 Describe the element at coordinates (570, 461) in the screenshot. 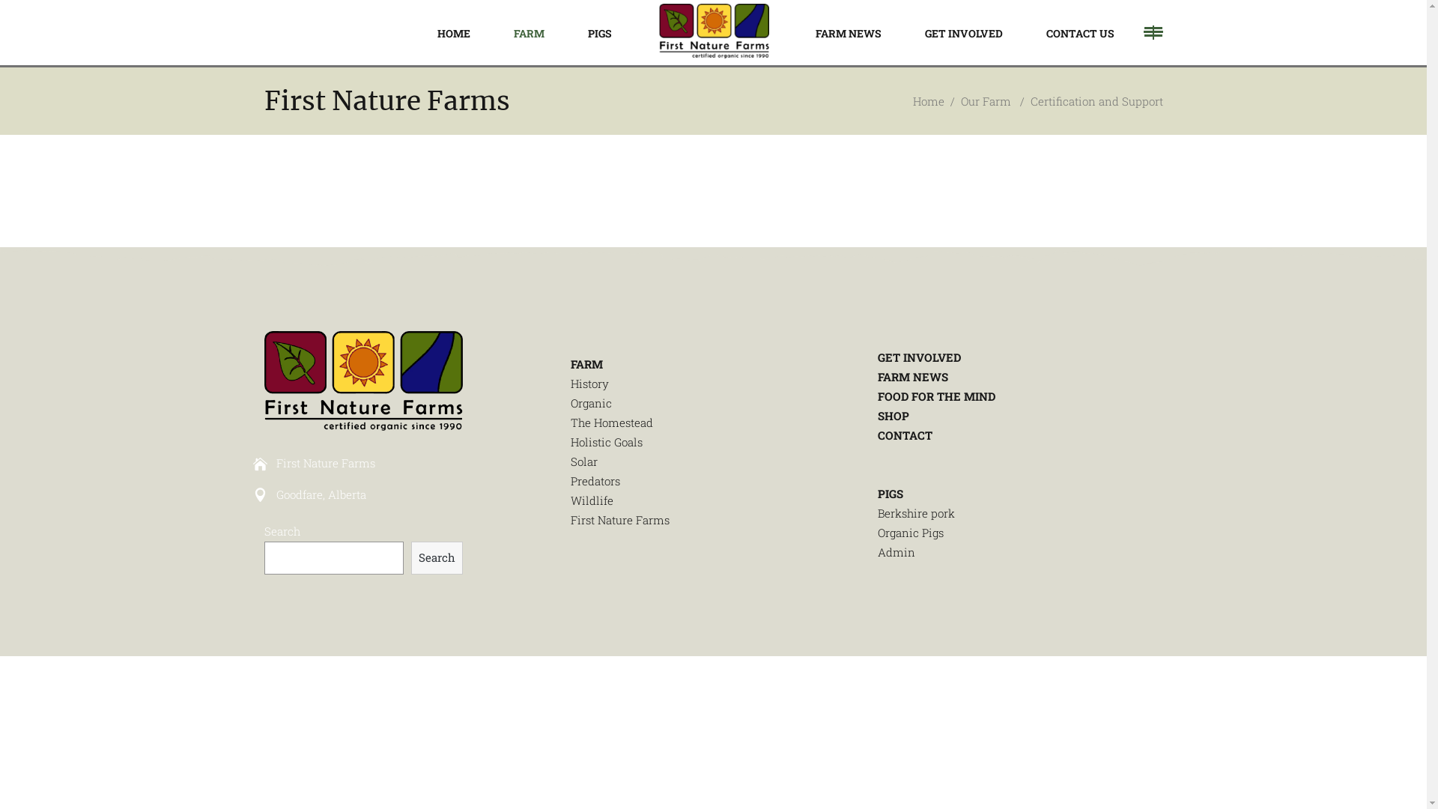

I see `'Solar'` at that location.